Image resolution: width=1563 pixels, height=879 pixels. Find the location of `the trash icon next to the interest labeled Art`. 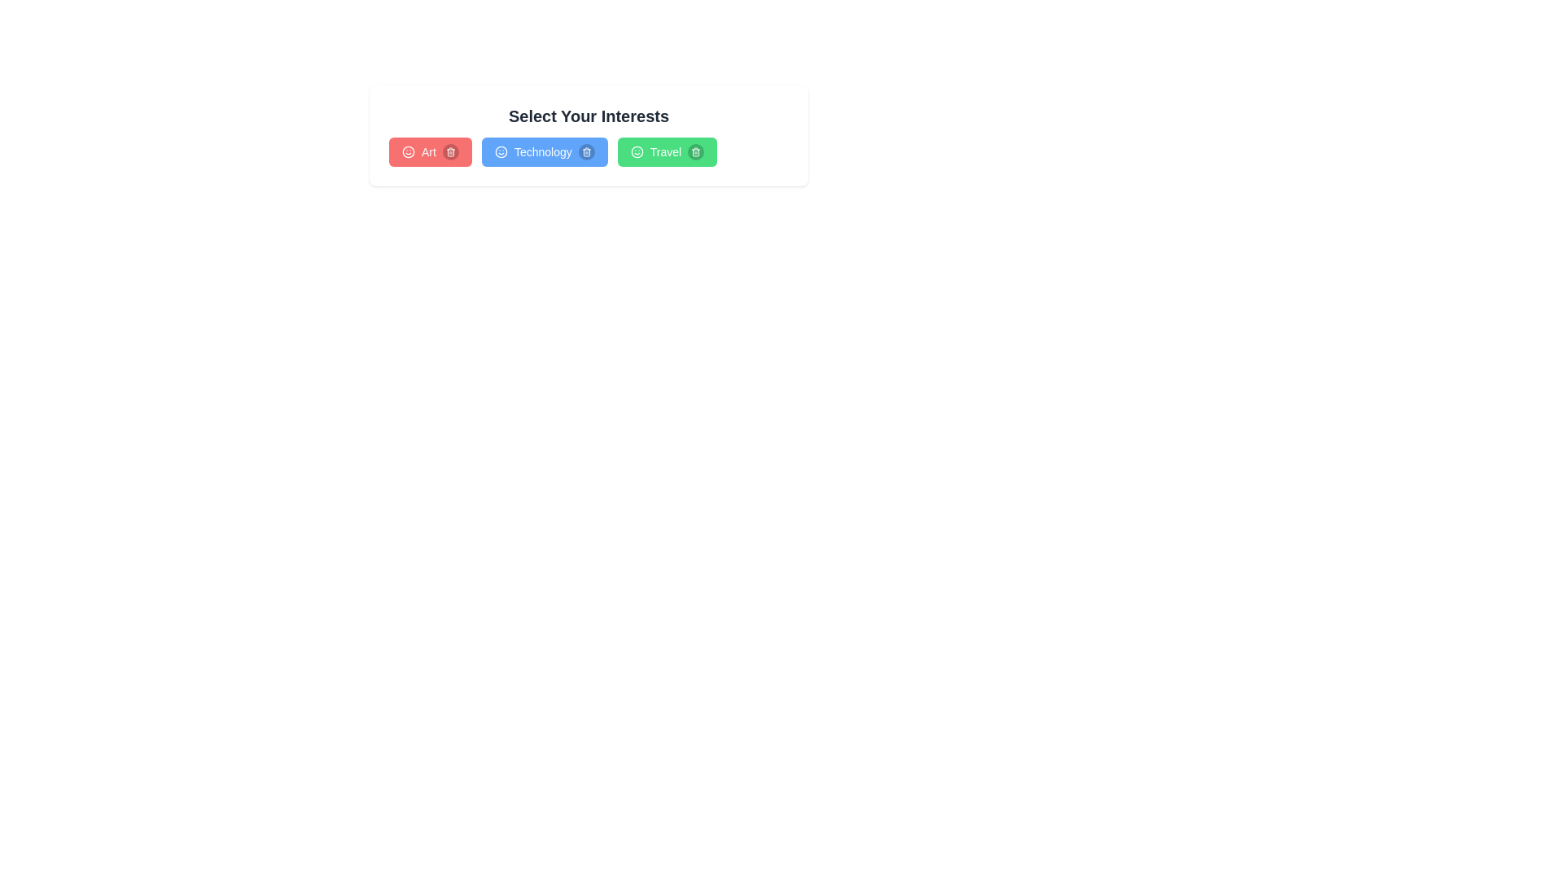

the trash icon next to the interest labeled Art is located at coordinates (450, 151).